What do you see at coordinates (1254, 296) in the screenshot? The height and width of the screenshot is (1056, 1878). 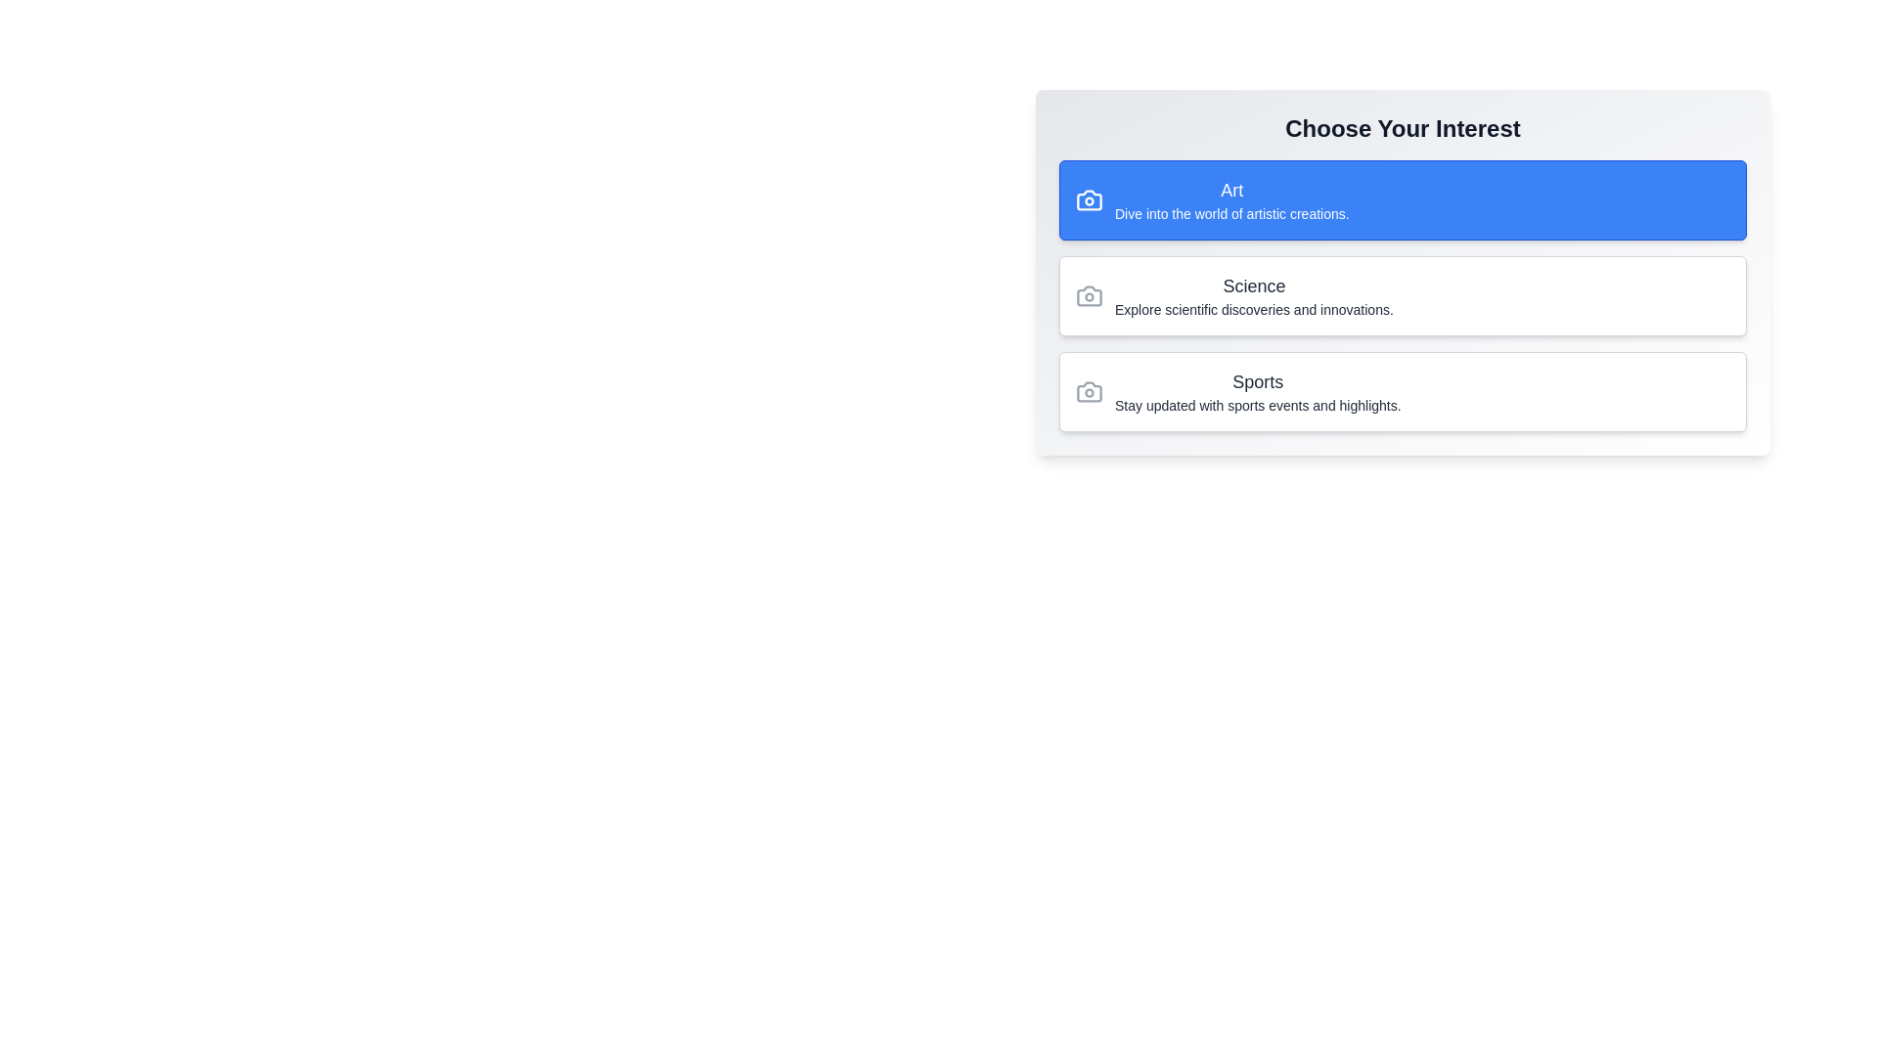 I see `the selectable Text Display element located between 'Art' and 'Sports' in the card layout` at bounding box center [1254, 296].